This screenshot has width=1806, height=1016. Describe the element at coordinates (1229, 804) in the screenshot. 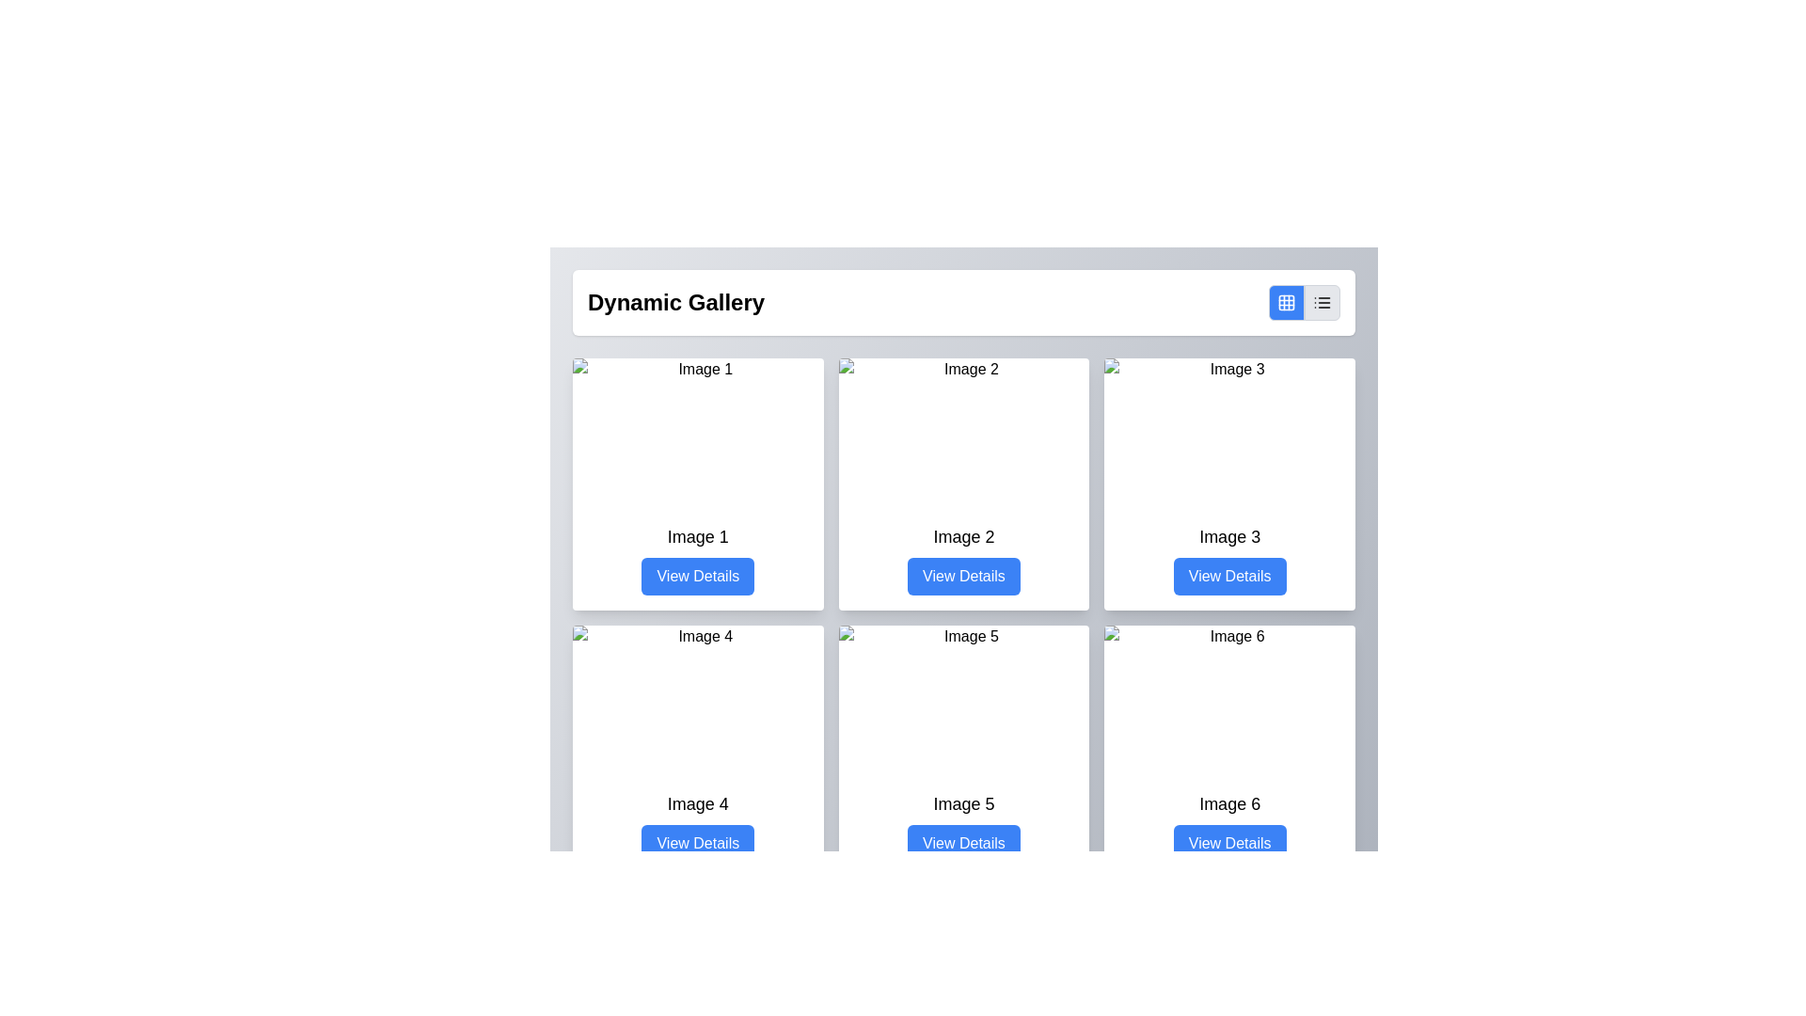

I see `the bold text label displaying 'Image 6' located in the bottom-right card above the 'View Details' button` at that location.